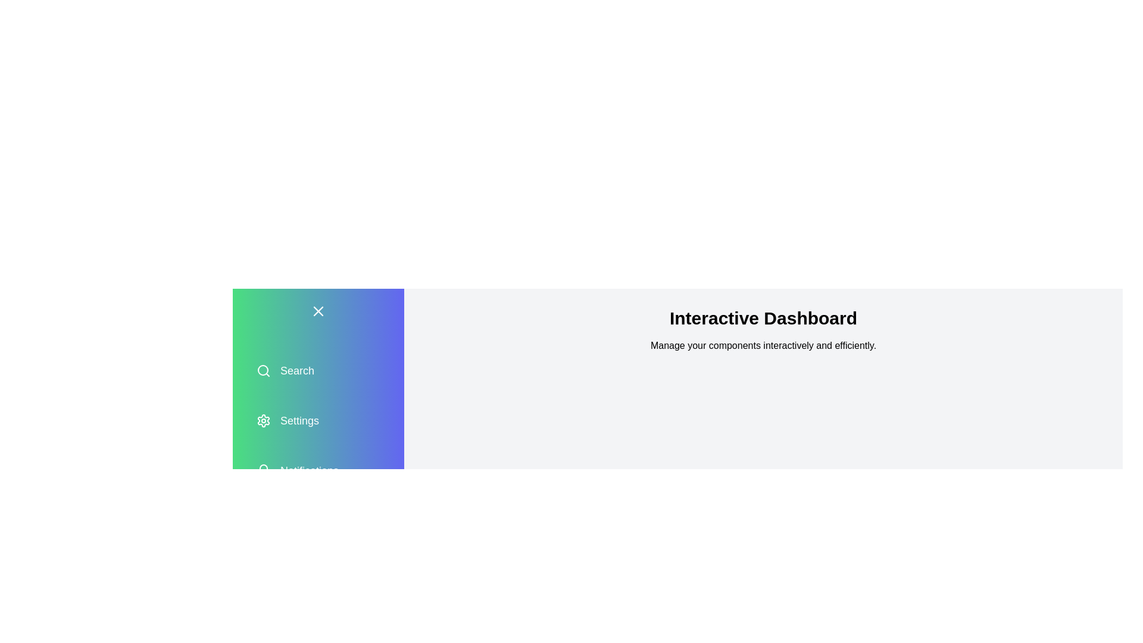  What do you see at coordinates (318, 470) in the screenshot?
I see `the menu option Notifications in the drawer` at bounding box center [318, 470].